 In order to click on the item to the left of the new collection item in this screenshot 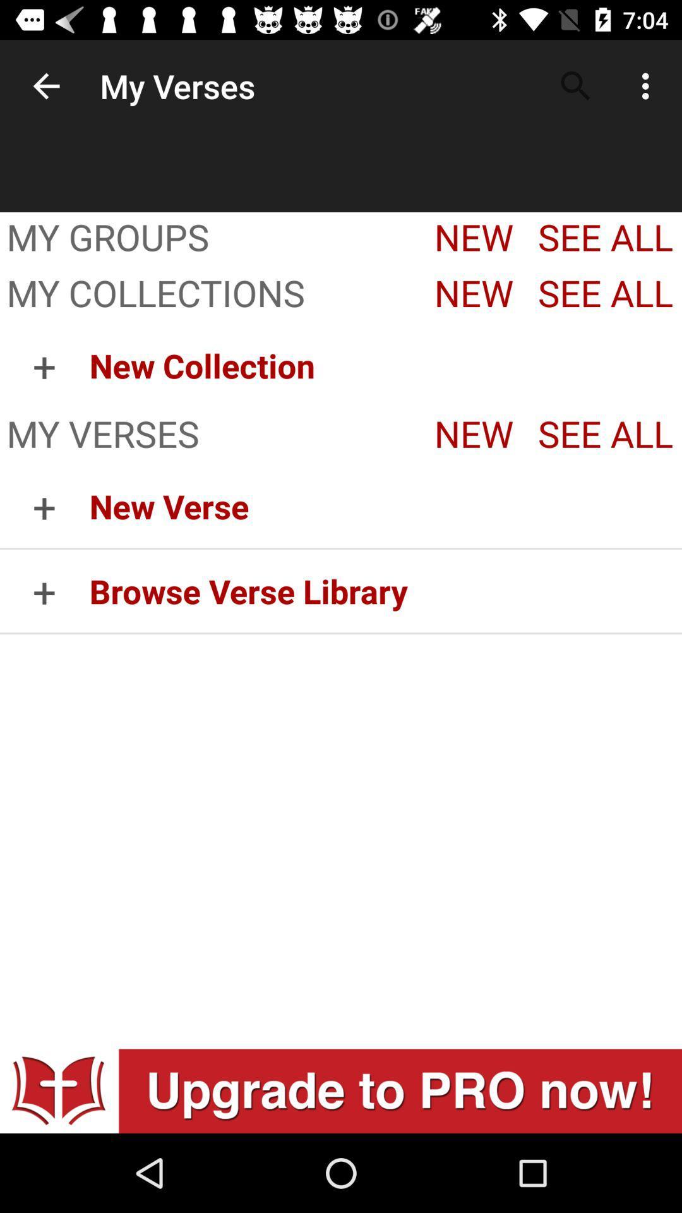, I will do `click(44, 365)`.